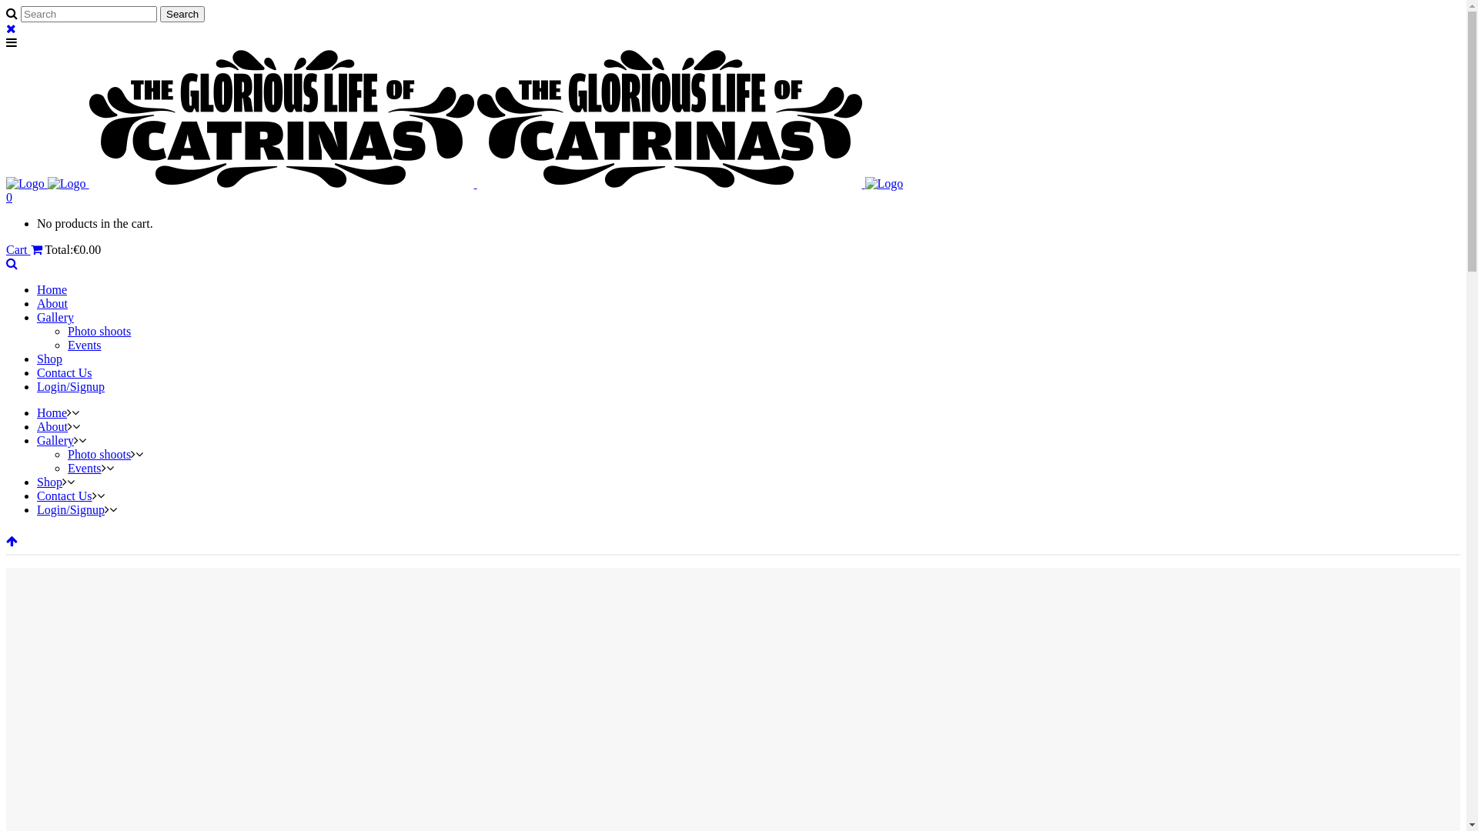 The width and height of the screenshot is (1478, 831). I want to click on 'Photo shoots', so click(99, 330).